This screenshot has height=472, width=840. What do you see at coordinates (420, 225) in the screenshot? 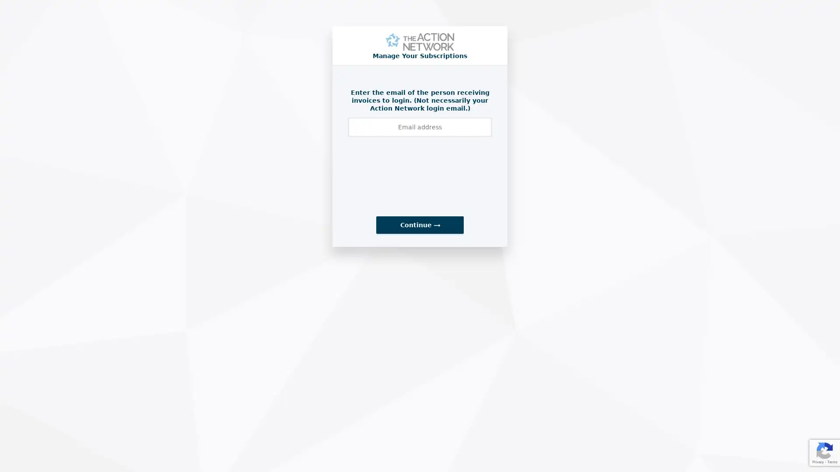
I see `Continue` at bounding box center [420, 225].